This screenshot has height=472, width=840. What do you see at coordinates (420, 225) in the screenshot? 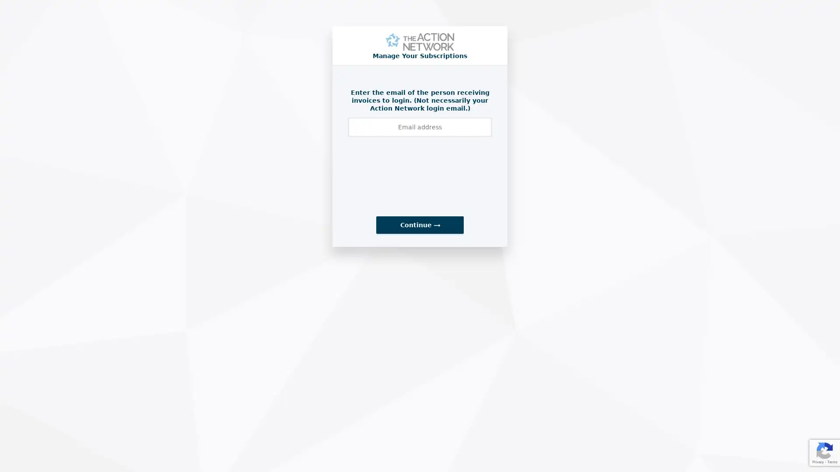
I see `Continue` at bounding box center [420, 225].